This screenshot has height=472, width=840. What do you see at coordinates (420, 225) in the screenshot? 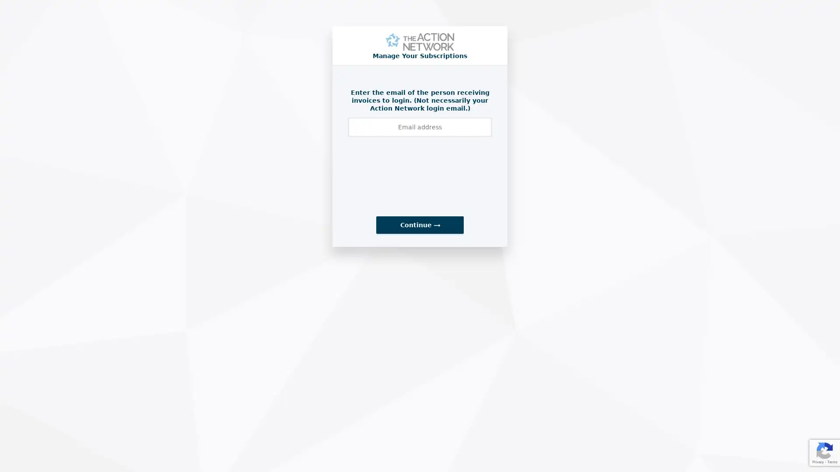
I see `Continue` at bounding box center [420, 225].